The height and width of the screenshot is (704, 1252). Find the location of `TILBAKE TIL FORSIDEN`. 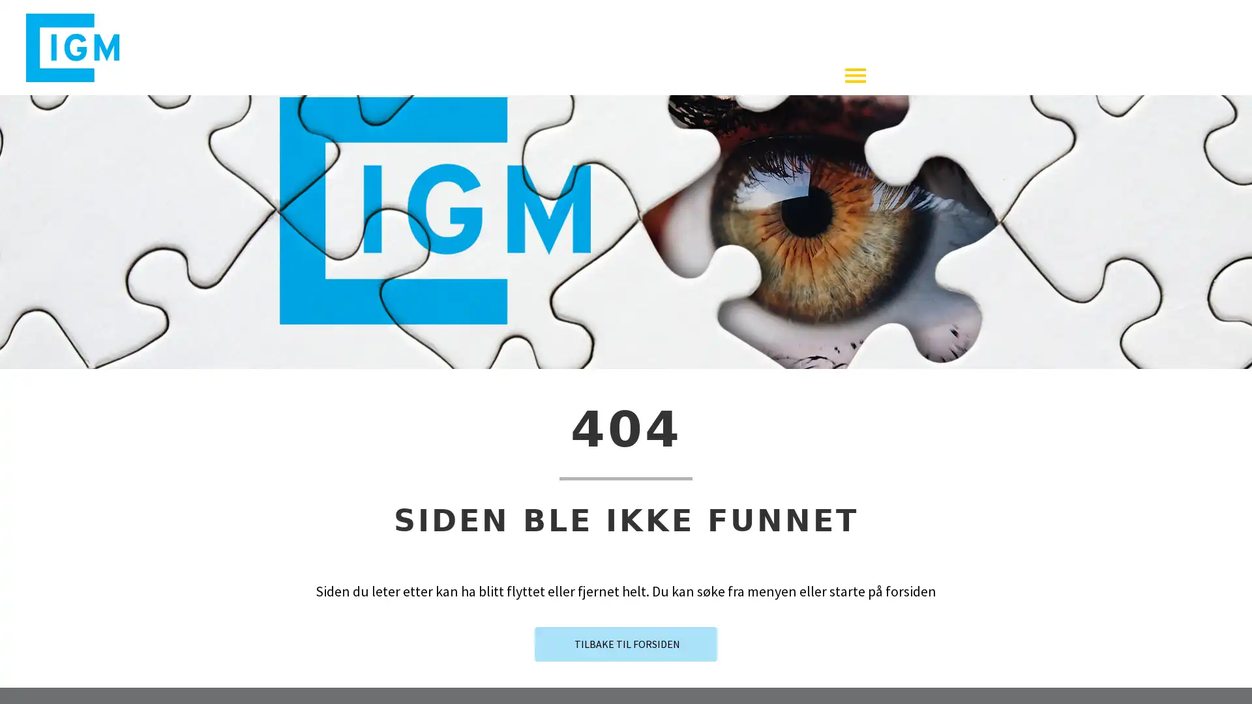

TILBAKE TIL FORSIDEN is located at coordinates (626, 656).